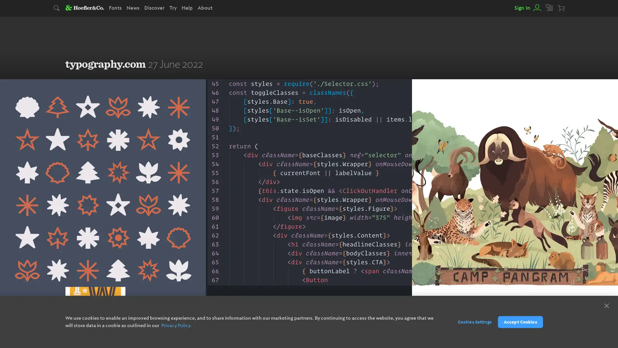  I want to click on View your account, so click(536, 8).